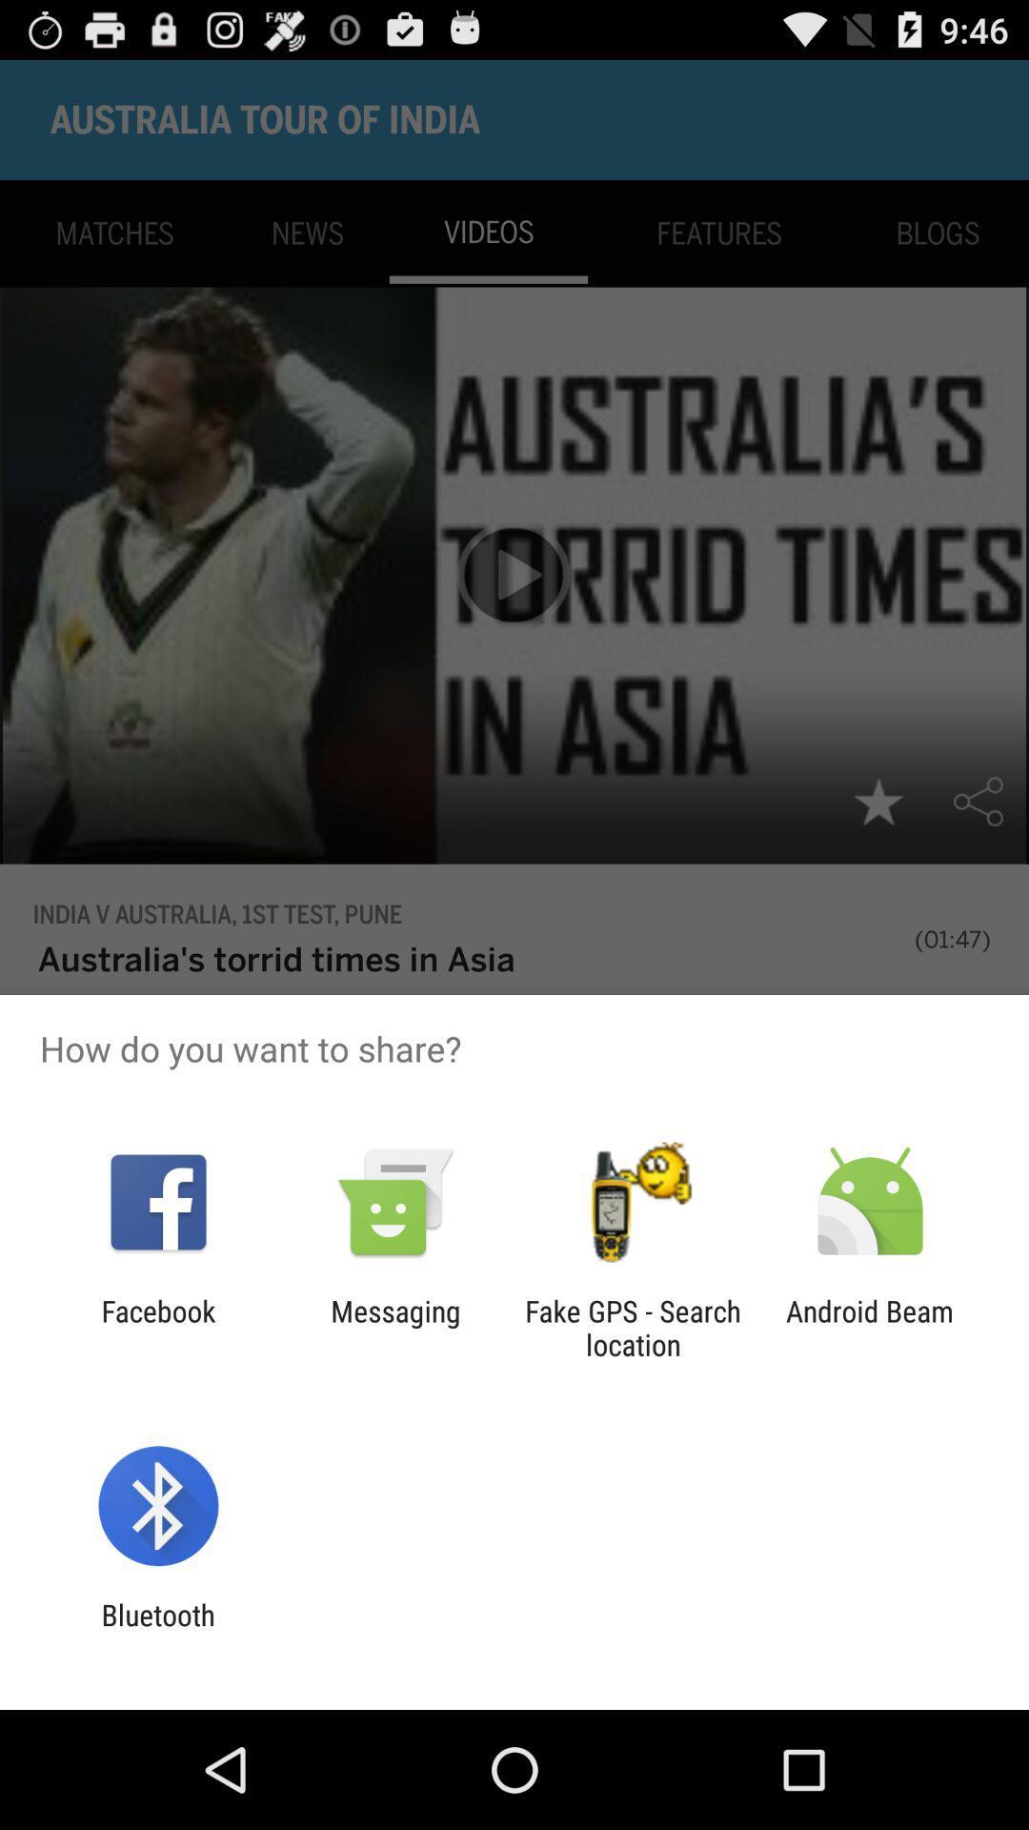 The image size is (1029, 1830). I want to click on item to the right of the messaging app, so click(633, 1327).